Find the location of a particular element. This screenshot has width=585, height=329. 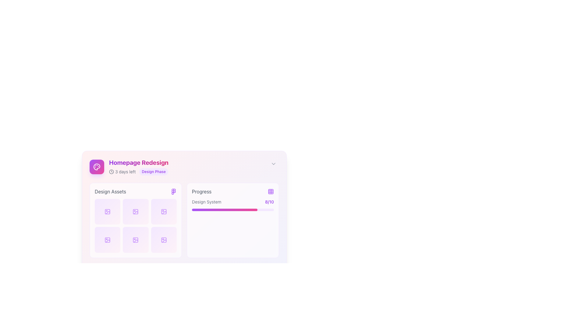

the small purple SVG rectangle with rounded corners located in the bottom-right corner of the 'Design Assets' section is located at coordinates (164, 211).